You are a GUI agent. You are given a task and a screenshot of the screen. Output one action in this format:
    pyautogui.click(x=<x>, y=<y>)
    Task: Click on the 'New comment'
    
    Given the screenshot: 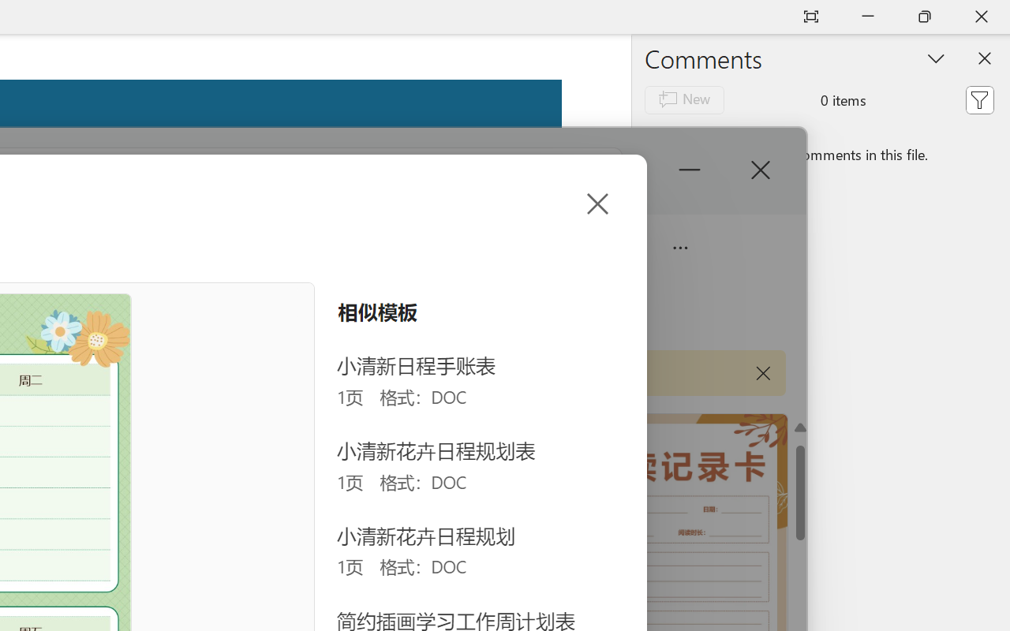 What is the action you would take?
    pyautogui.click(x=684, y=99)
    